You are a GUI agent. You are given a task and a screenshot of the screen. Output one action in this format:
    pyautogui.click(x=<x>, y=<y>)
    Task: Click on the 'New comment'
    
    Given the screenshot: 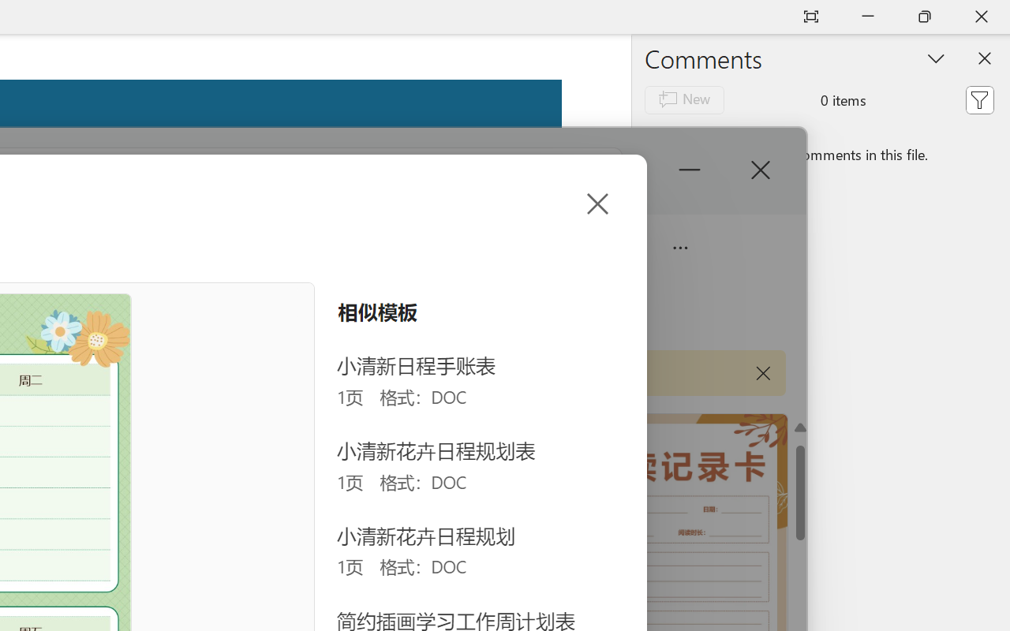 What is the action you would take?
    pyautogui.click(x=684, y=99)
    